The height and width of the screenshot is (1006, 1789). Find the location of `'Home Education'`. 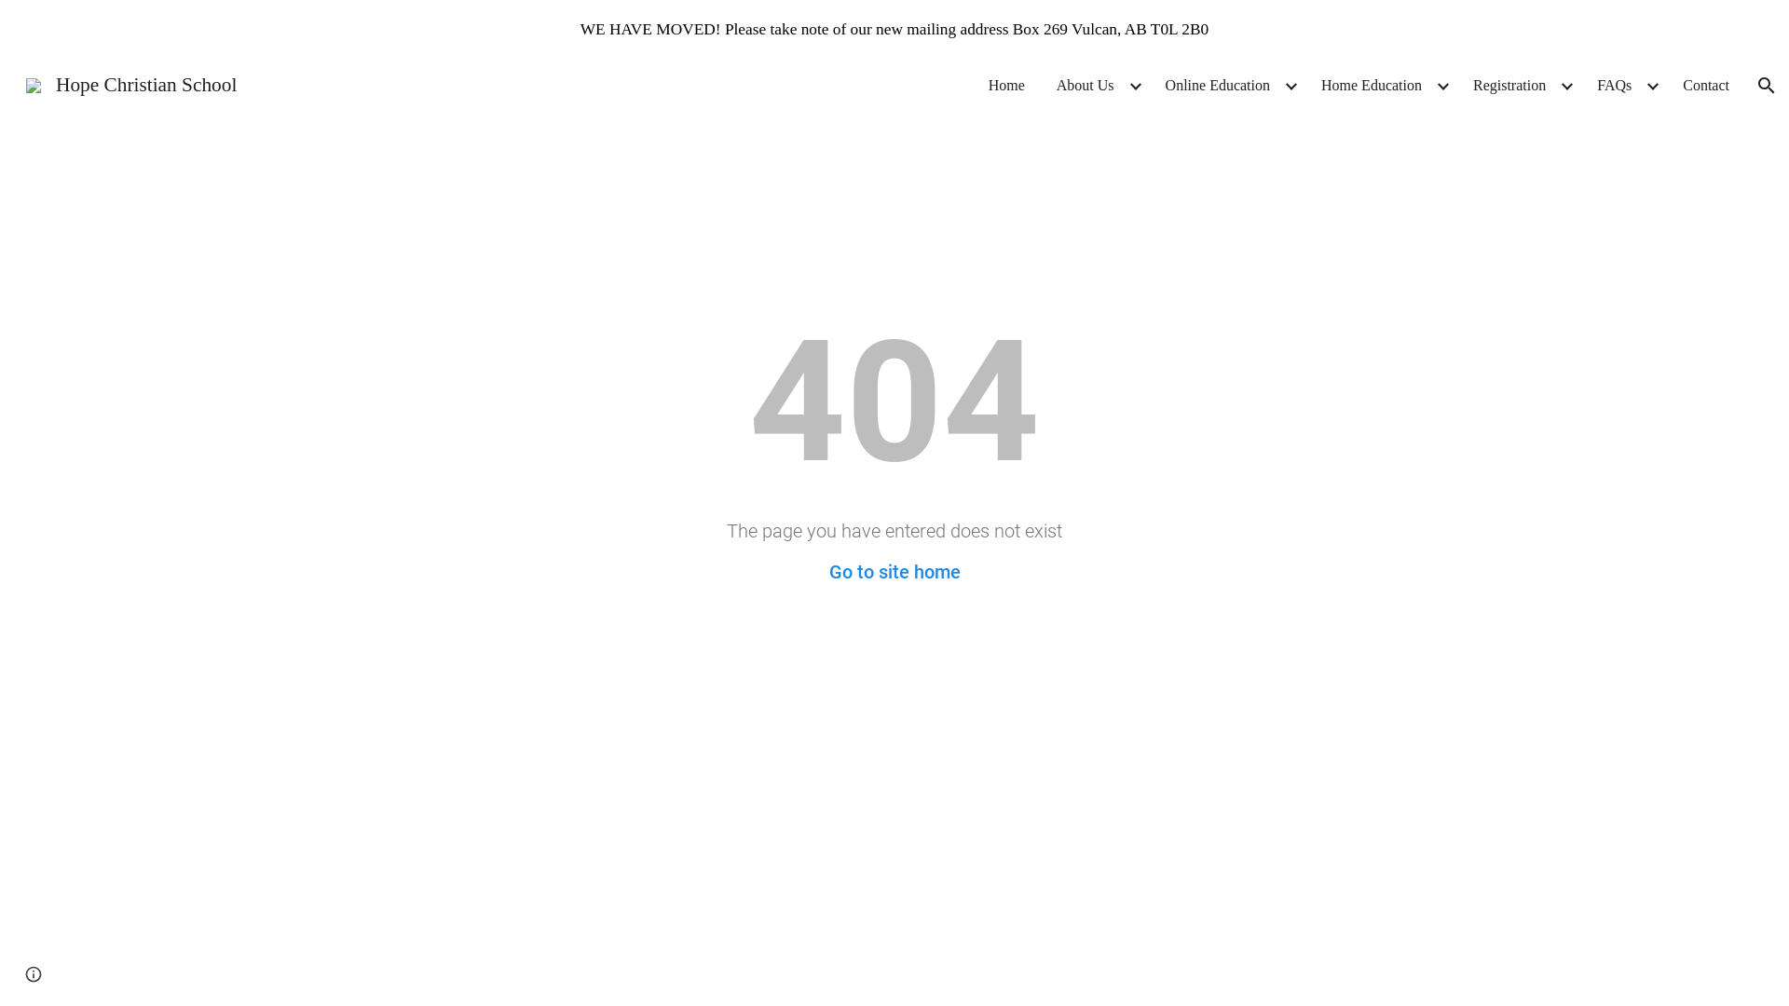

'Home Education' is located at coordinates (1372, 86).